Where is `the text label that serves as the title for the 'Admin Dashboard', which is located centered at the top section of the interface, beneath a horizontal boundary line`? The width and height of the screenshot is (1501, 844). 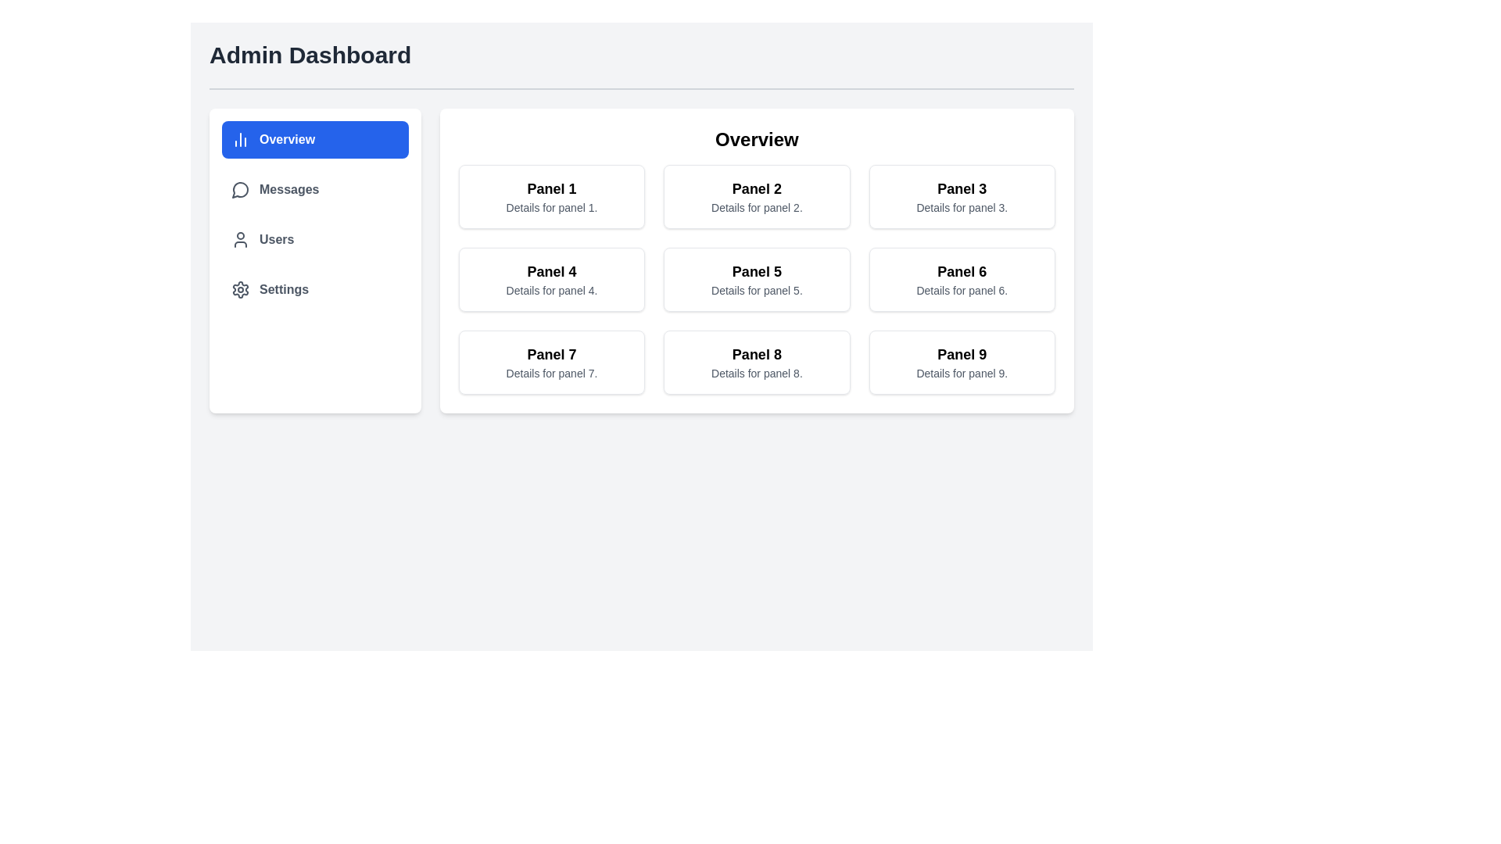
the text label that serves as the title for the 'Admin Dashboard', which is located centered at the top section of the interface, beneath a horizontal boundary line is located at coordinates (310, 54).